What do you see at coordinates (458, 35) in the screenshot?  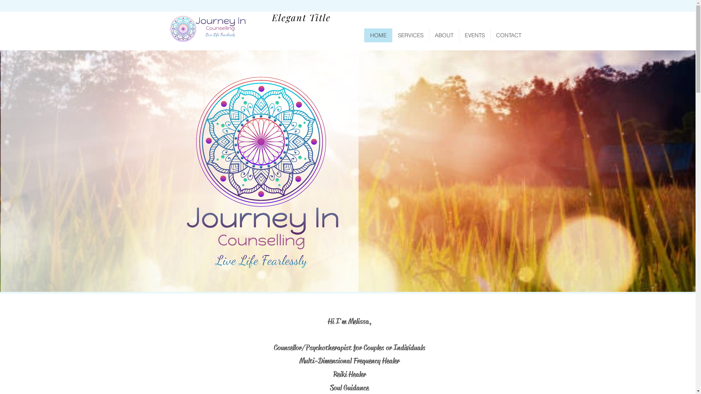 I see `'EVENTS'` at bounding box center [458, 35].